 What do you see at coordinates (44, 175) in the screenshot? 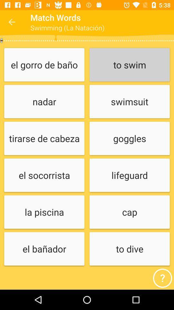
I see `the el socorrista` at bounding box center [44, 175].